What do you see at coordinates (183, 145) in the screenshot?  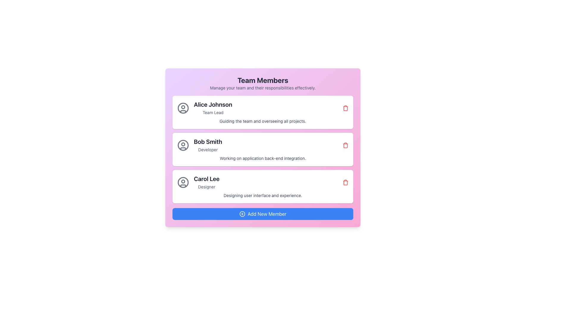 I see `the circular user avatar of 'Bob Smith' that is gray and modern in style, located to the left of the text label in the user list` at bounding box center [183, 145].